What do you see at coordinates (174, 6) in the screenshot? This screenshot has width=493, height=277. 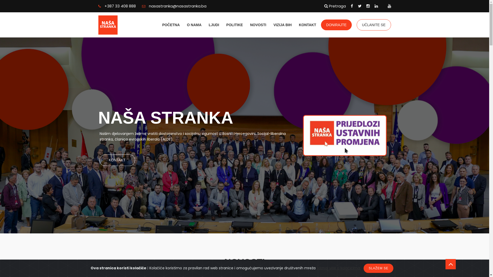 I see `'nasastranka@nasastranka.ba'` at bounding box center [174, 6].